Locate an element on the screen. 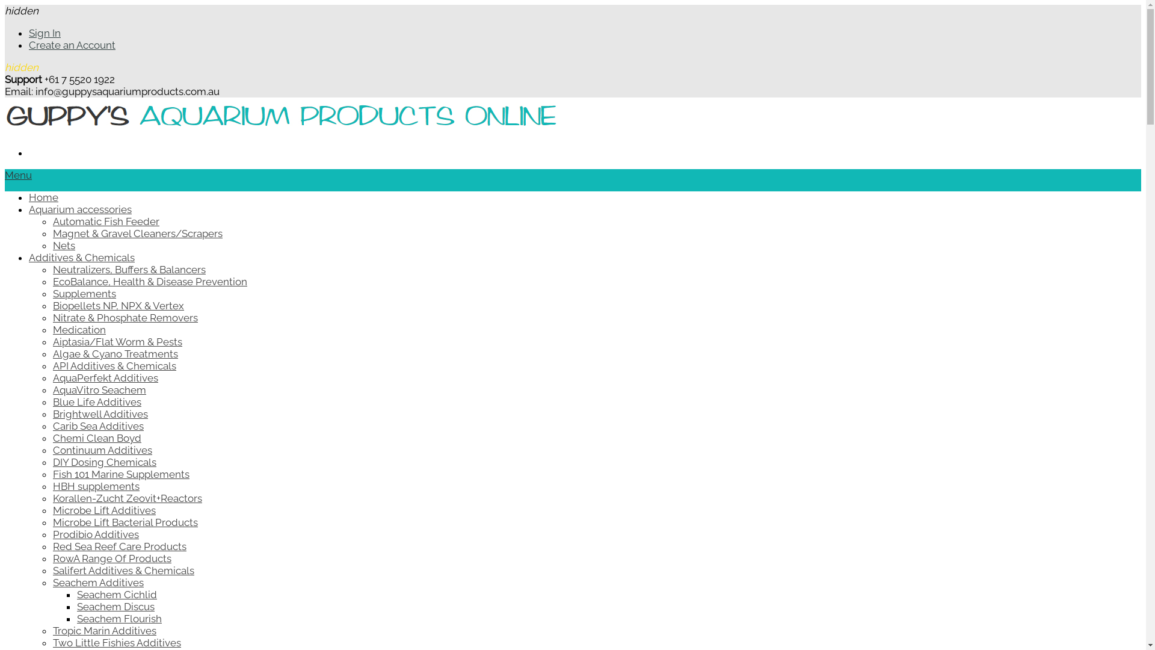  'Continuum Additives' is located at coordinates (102, 450).